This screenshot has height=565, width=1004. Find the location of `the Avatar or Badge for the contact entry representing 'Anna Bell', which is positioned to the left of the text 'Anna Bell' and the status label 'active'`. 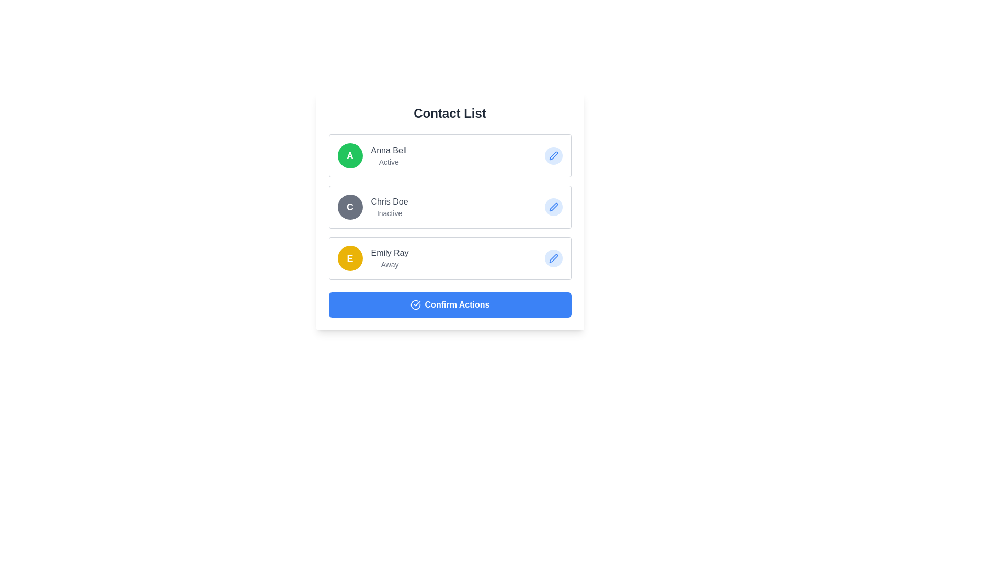

the Avatar or Badge for the contact entry representing 'Anna Bell', which is positioned to the left of the text 'Anna Bell' and the status label 'active' is located at coordinates (350, 155).